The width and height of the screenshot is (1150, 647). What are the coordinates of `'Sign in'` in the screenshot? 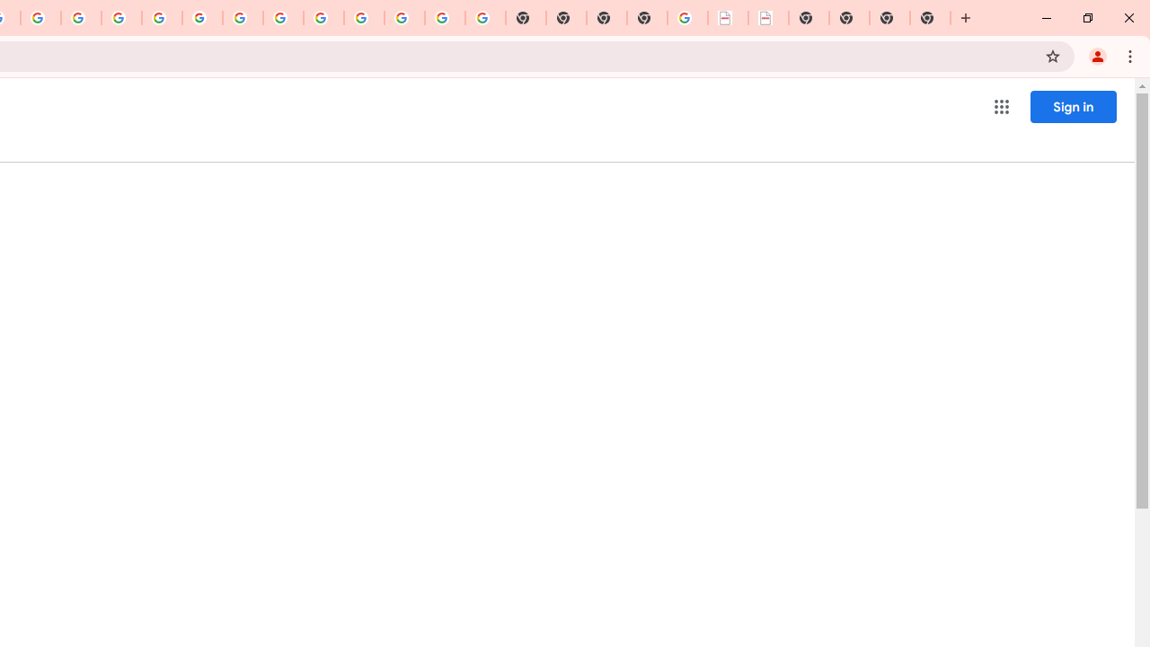 It's located at (1073, 106).